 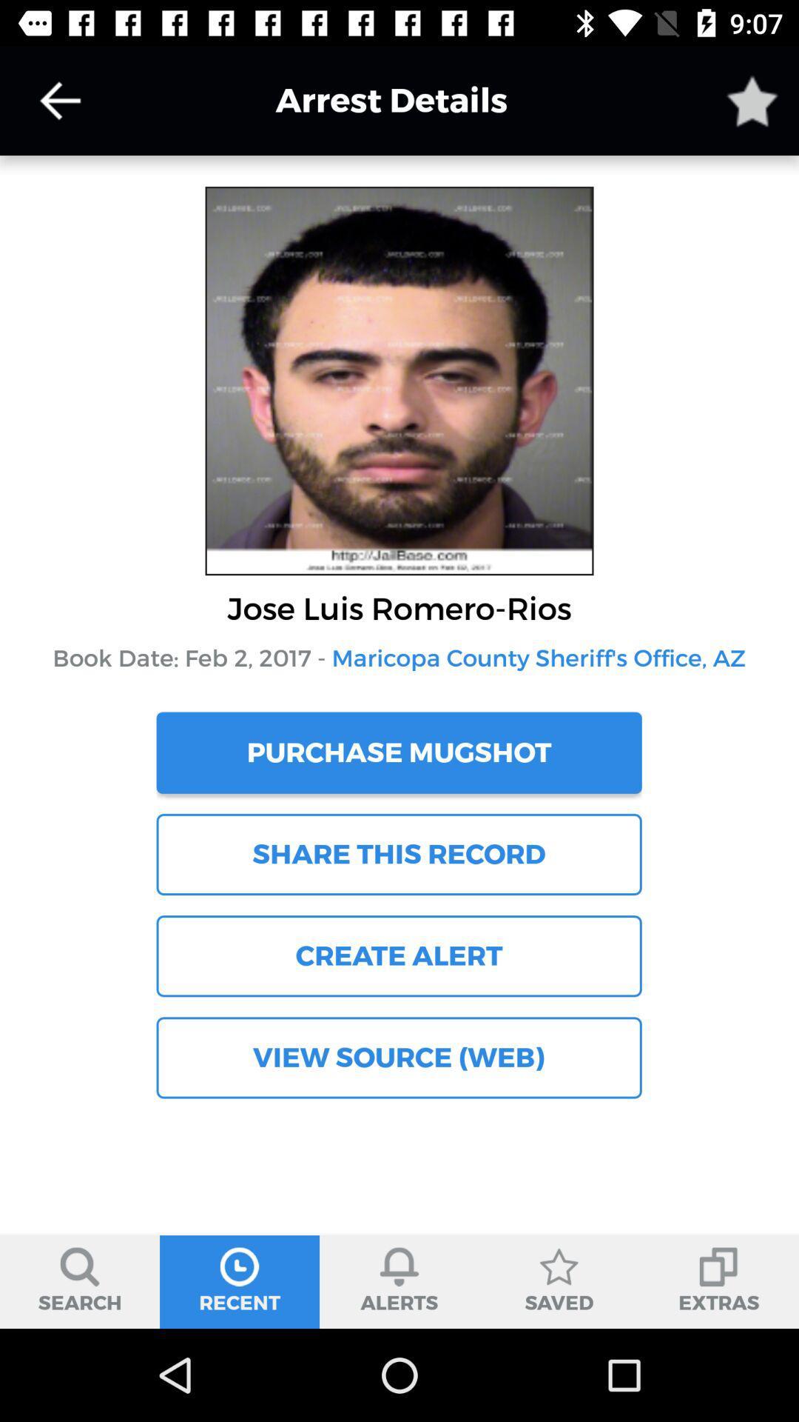 What do you see at coordinates (398, 956) in the screenshot?
I see `the item below the share this record item` at bounding box center [398, 956].